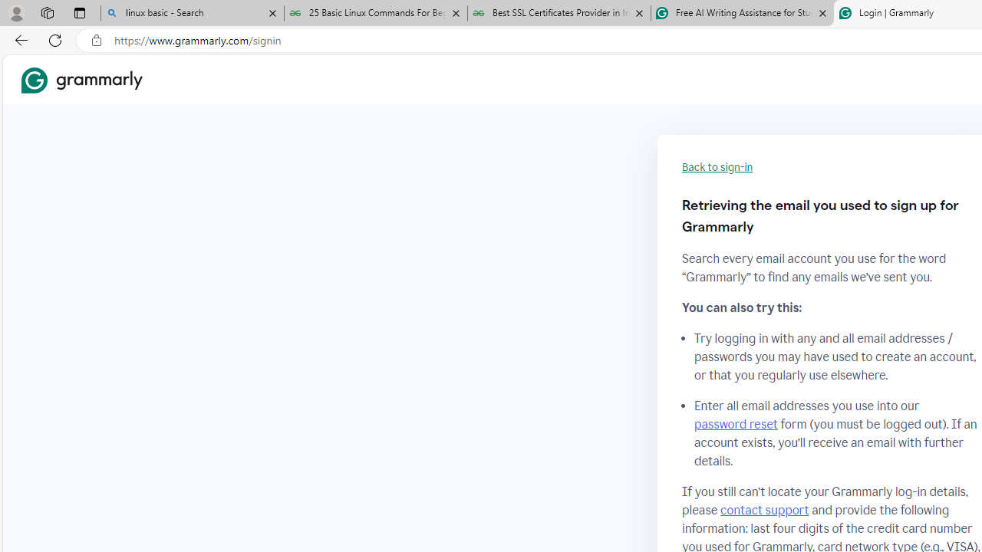  What do you see at coordinates (81, 80) in the screenshot?
I see `'Grammarly Home'` at bounding box center [81, 80].